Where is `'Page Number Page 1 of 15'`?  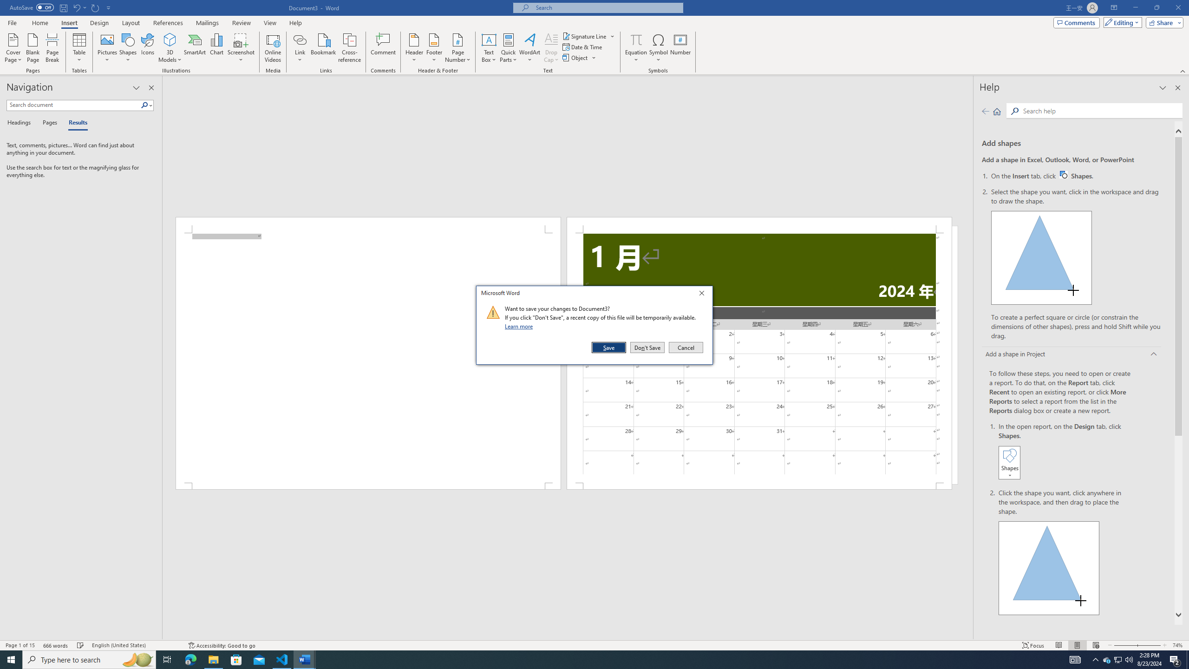 'Page Number Page 1 of 15' is located at coordinates (20, 645).